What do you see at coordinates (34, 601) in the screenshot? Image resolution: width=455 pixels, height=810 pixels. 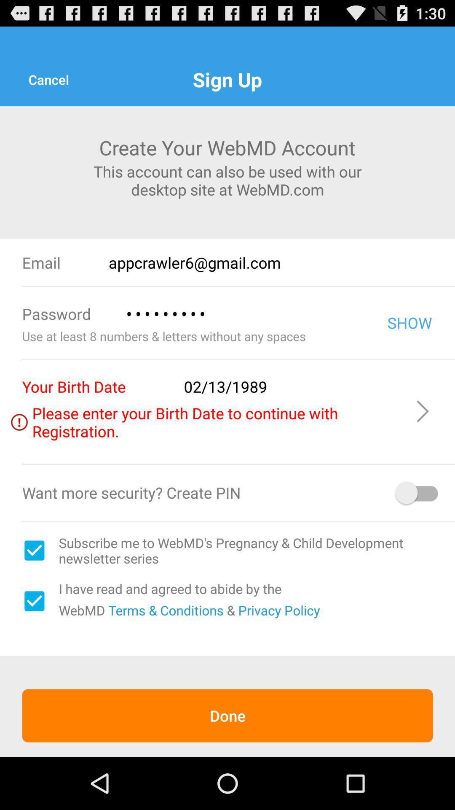 I see `selection` at bounding box center [34, 601].